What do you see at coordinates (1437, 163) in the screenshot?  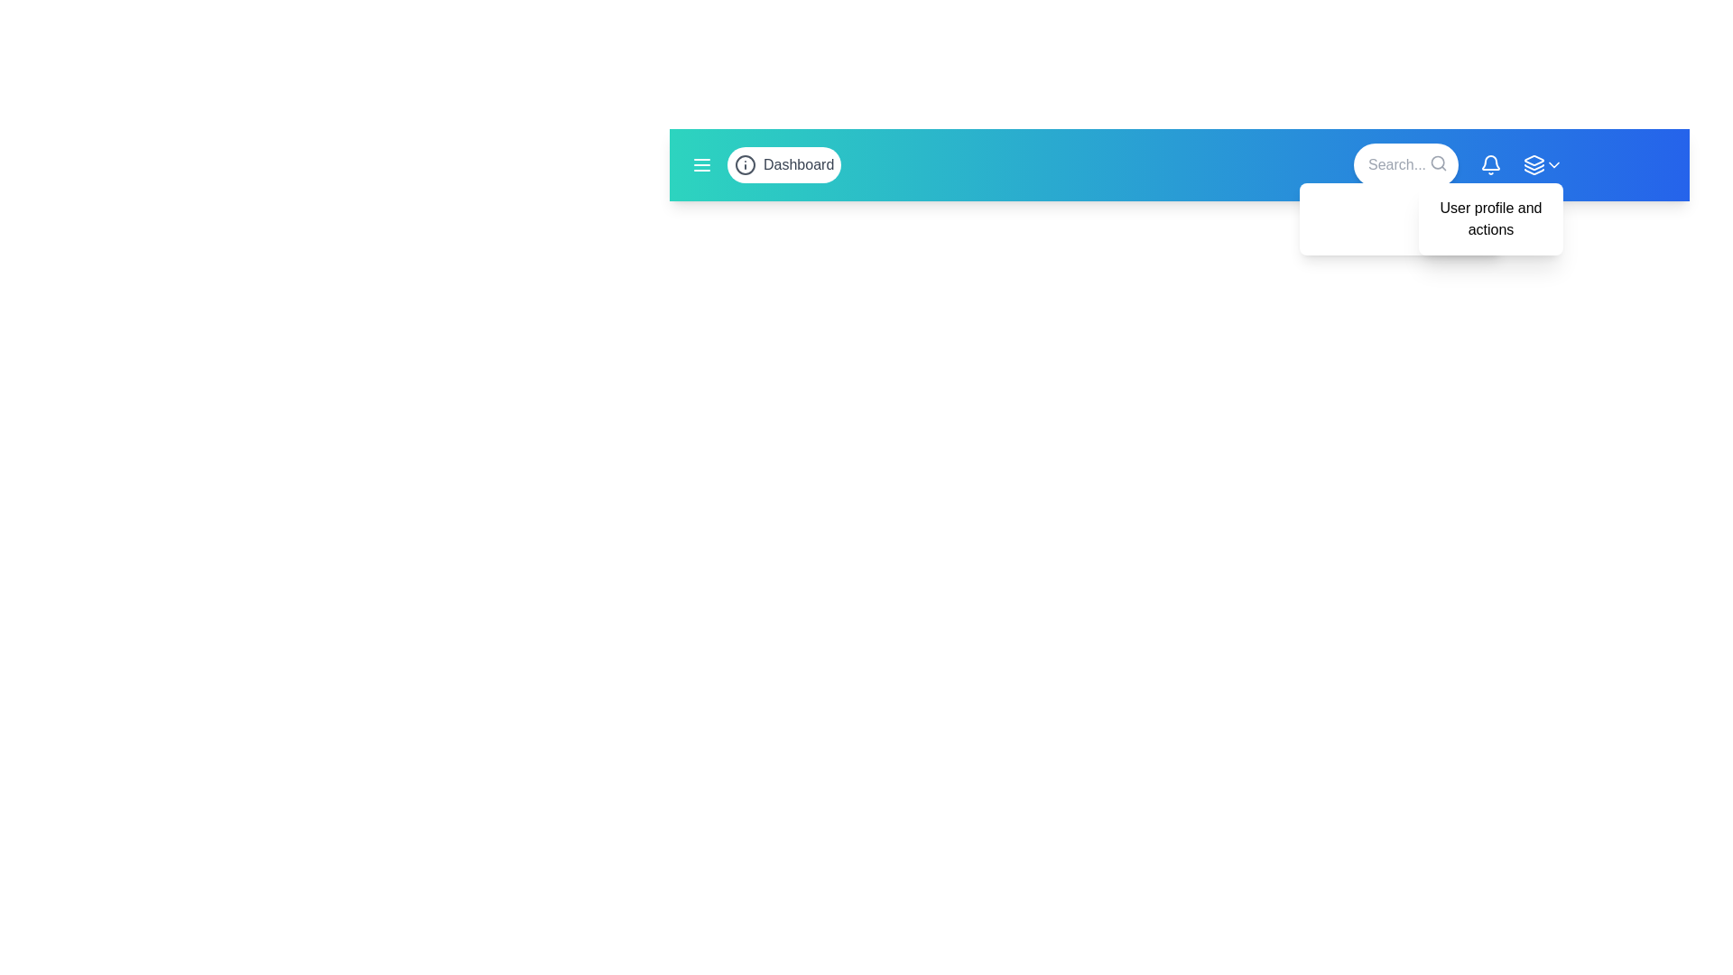 I see `the magnifying glass icon representing the search functionality located in the top navigation bar, to the right of the placeholder text 'Search...'` at bounding box center [1437, 163].